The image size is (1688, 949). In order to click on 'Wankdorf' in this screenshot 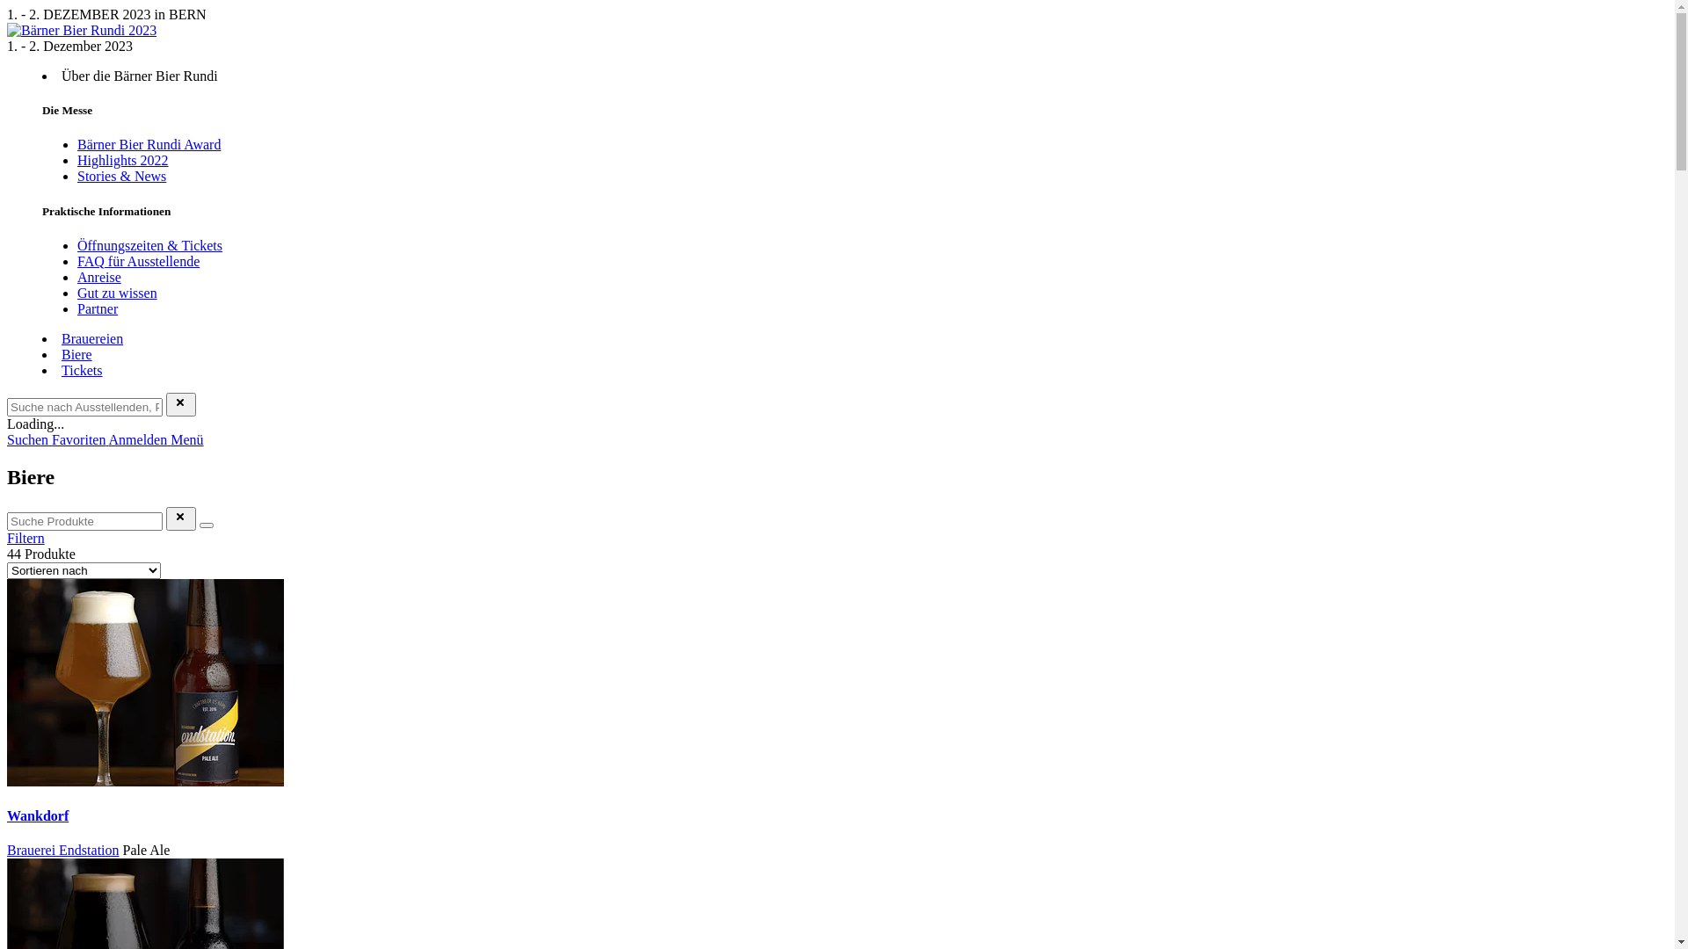, I will do `click(7, 815)`.